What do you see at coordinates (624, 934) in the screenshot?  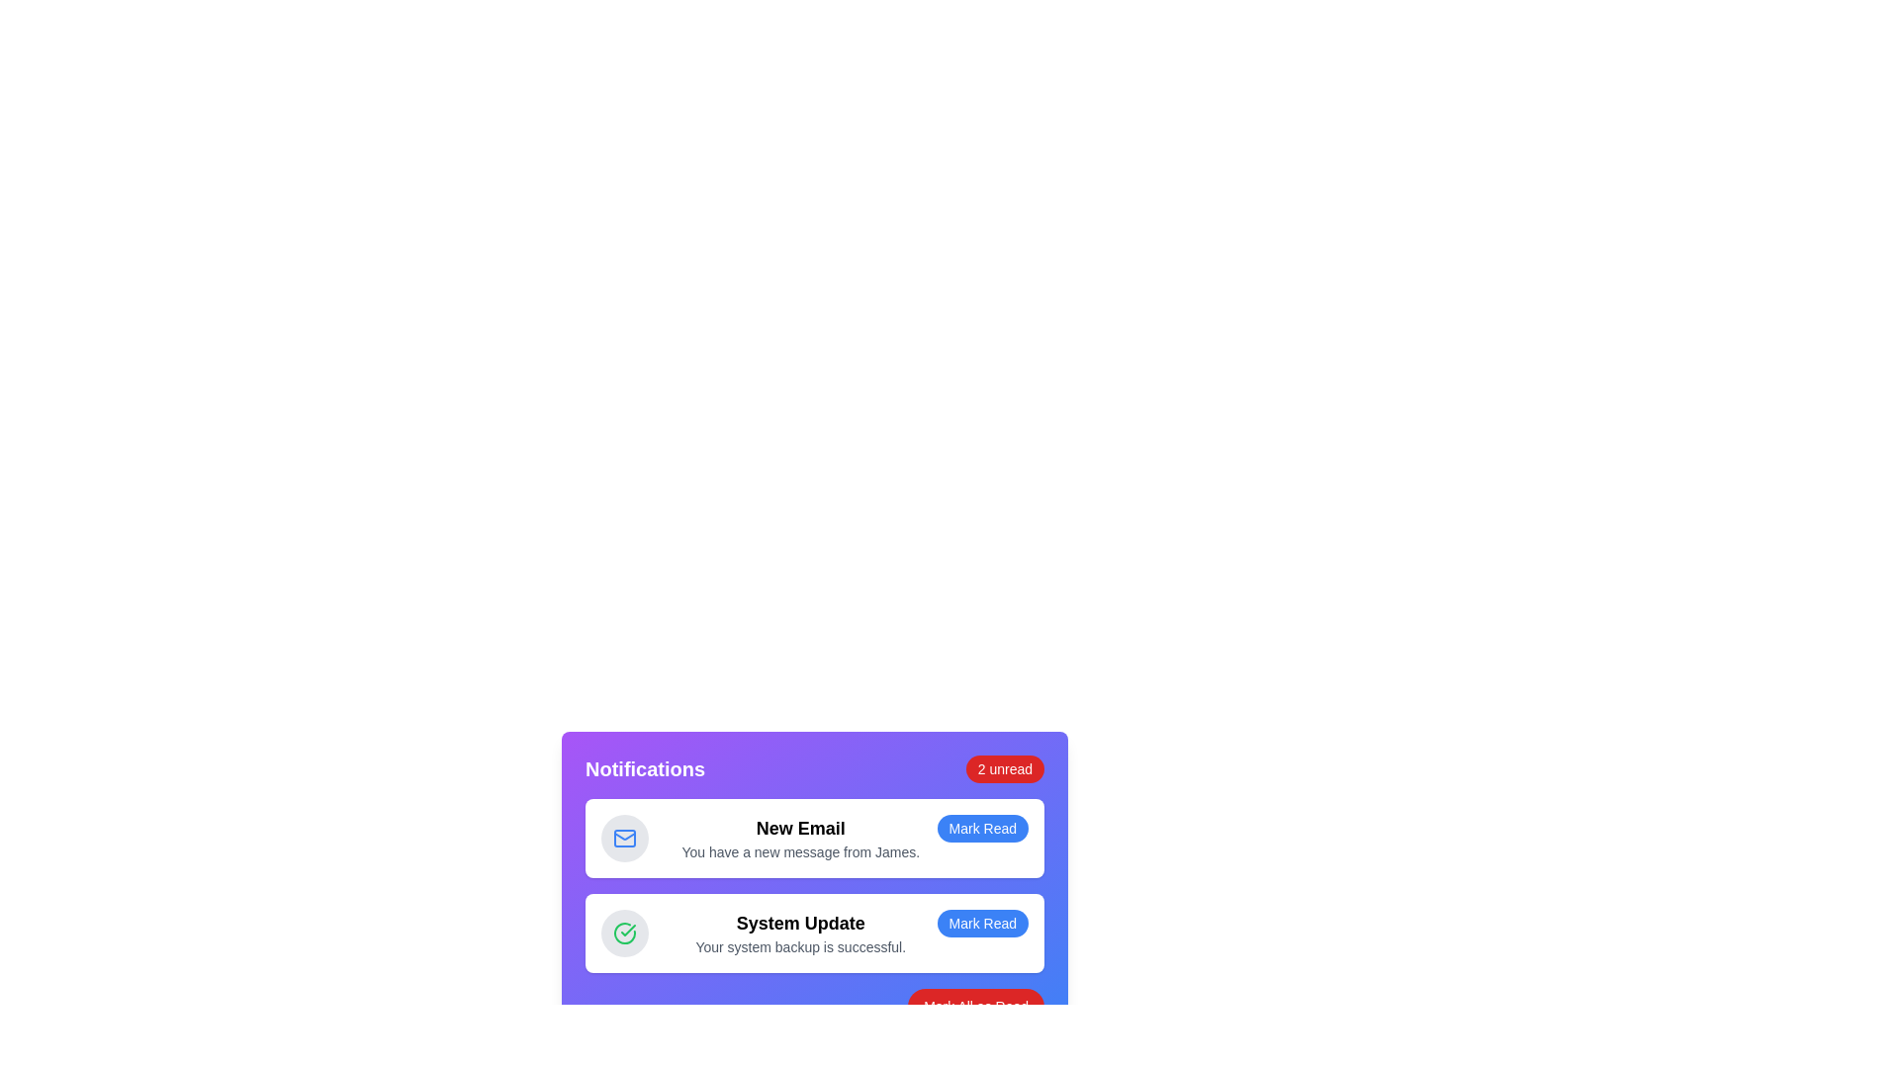 I see `the icon indicating a successful system backup notification, which is positioned to the left of the text 'System Update' and 'Your system backup is successful.'` at bounding box center [624, 934].